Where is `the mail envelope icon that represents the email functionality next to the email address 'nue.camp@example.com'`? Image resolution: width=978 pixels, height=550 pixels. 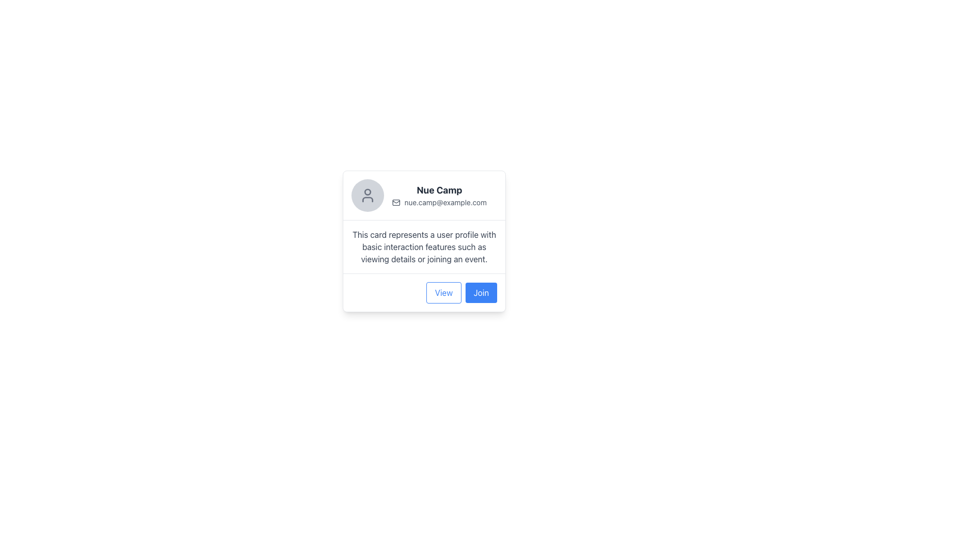 the mail envelope icon that represents the email functionality next to the email address 'nue.camp@example.com' is located at coordinates (395, 202).